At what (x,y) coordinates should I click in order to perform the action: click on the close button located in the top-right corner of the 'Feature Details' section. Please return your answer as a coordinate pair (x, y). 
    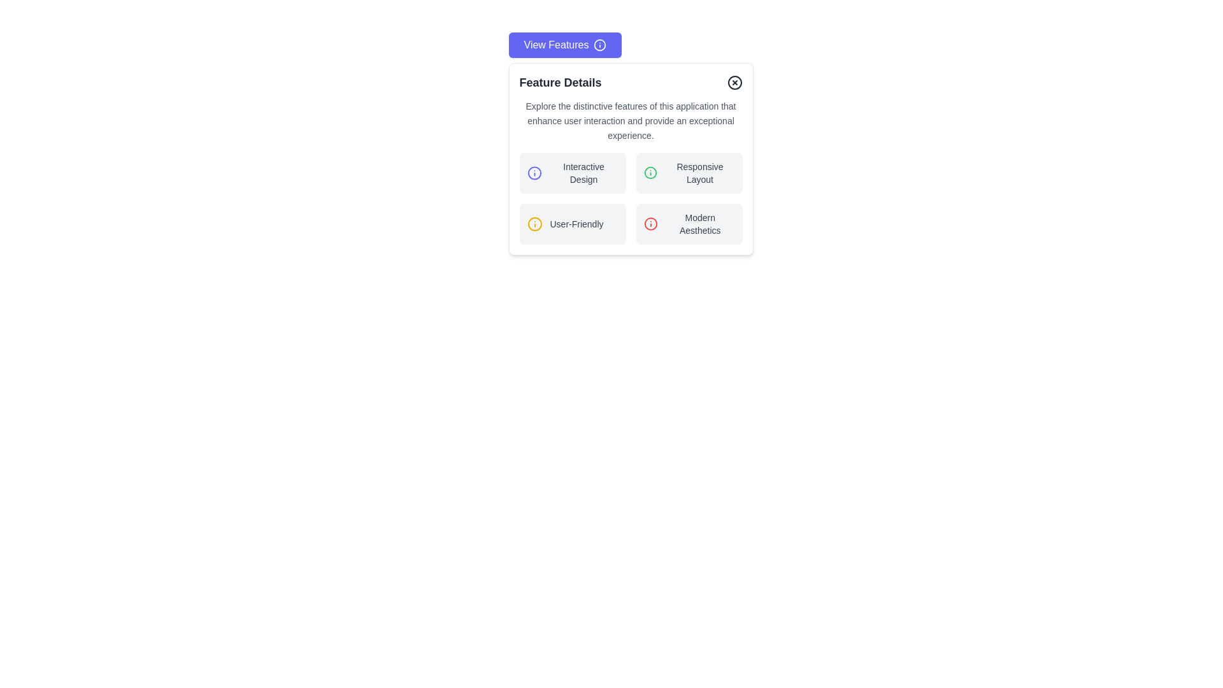
    Looking at the image, I should click on (734, 83).